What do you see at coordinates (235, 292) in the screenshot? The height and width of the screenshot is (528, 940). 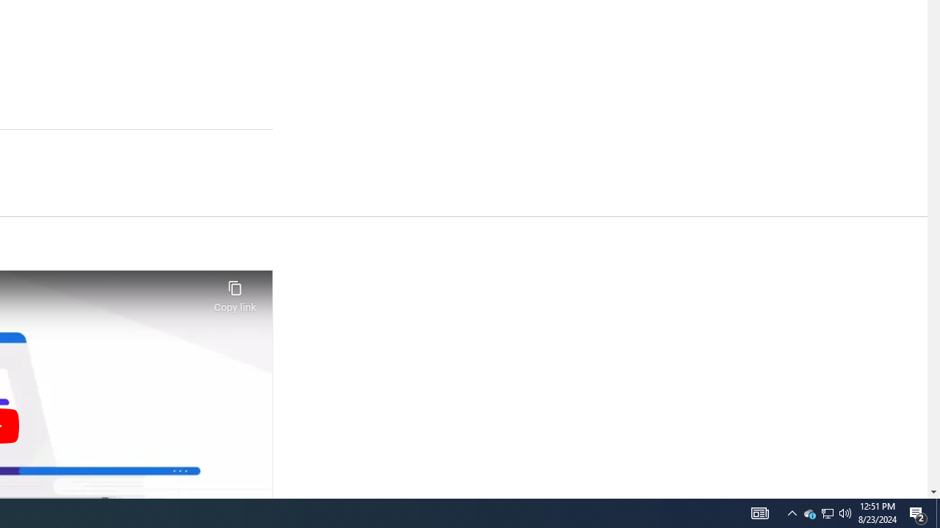 I see `'Copy link'` at bounding box center [235, 292].